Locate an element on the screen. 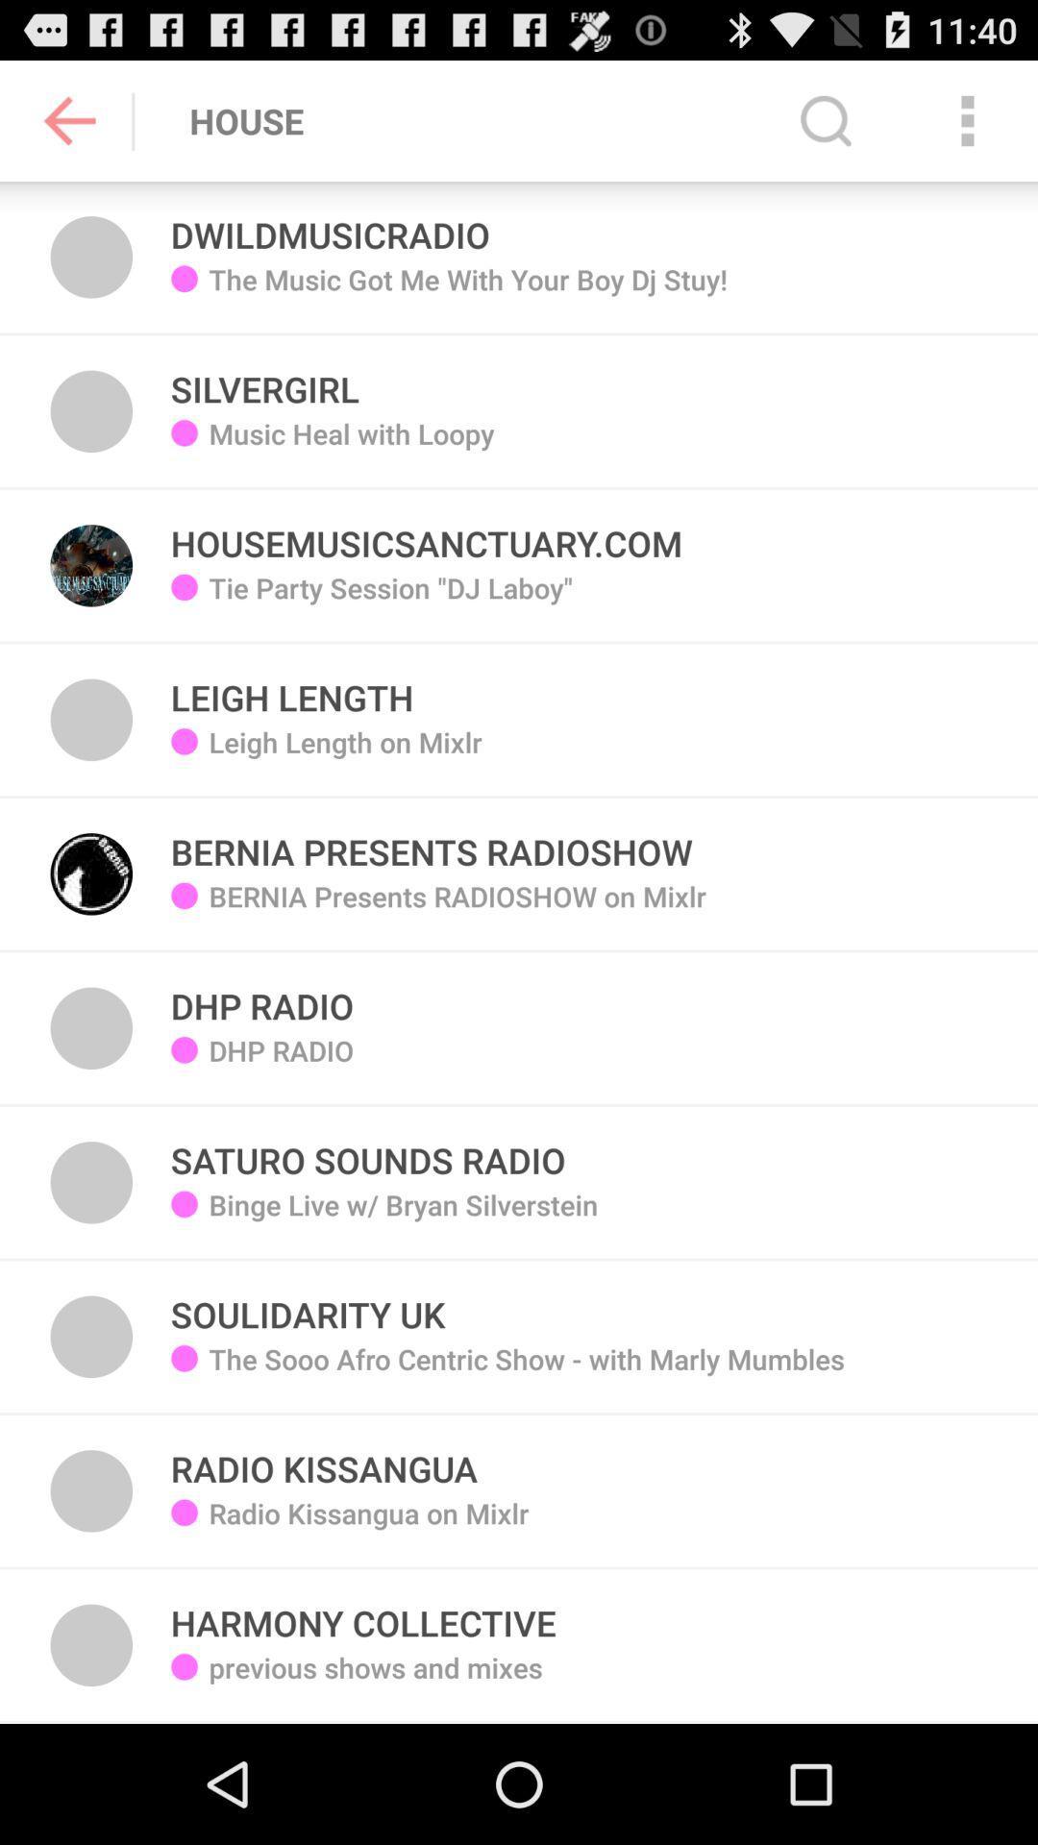 The width and height of the screenshot is (1038, 1845). harmony collective icon is located at coordinates (363, 1612).